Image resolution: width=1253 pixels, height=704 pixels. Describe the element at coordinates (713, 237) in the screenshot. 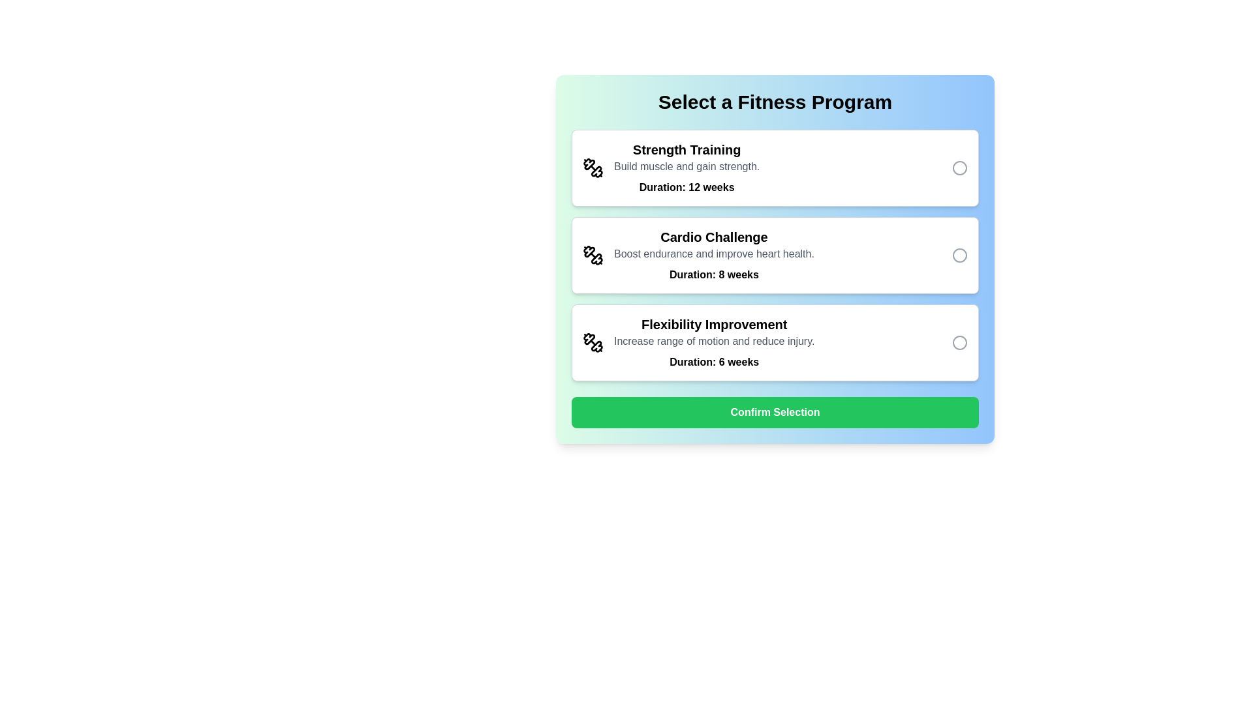

I see `the 'Cardio Challenge' text label, which is displayed in a bold and larger font size, styled with a semibold weight and black color, located in the middle section of the interface` at that location.